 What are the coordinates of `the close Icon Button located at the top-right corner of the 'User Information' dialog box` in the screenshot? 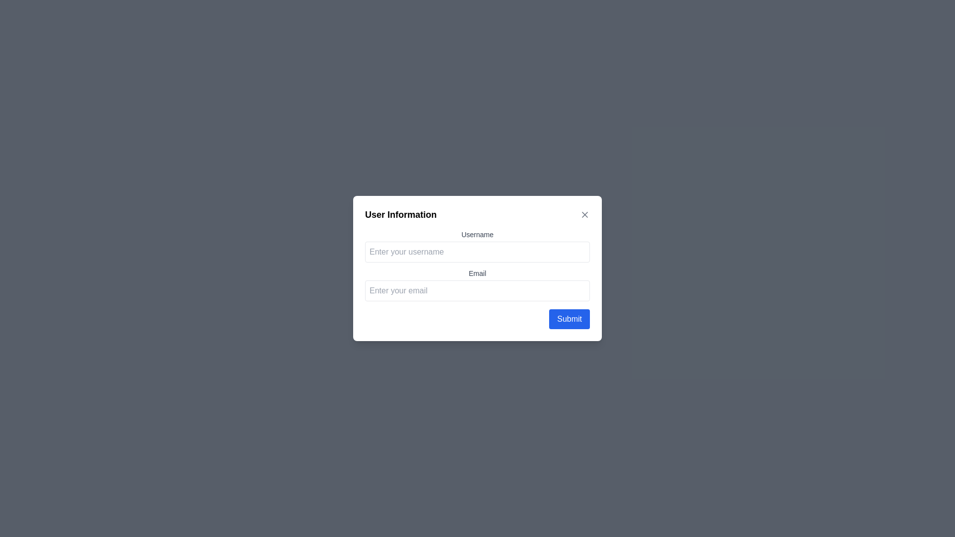 It's located at (585, 214).